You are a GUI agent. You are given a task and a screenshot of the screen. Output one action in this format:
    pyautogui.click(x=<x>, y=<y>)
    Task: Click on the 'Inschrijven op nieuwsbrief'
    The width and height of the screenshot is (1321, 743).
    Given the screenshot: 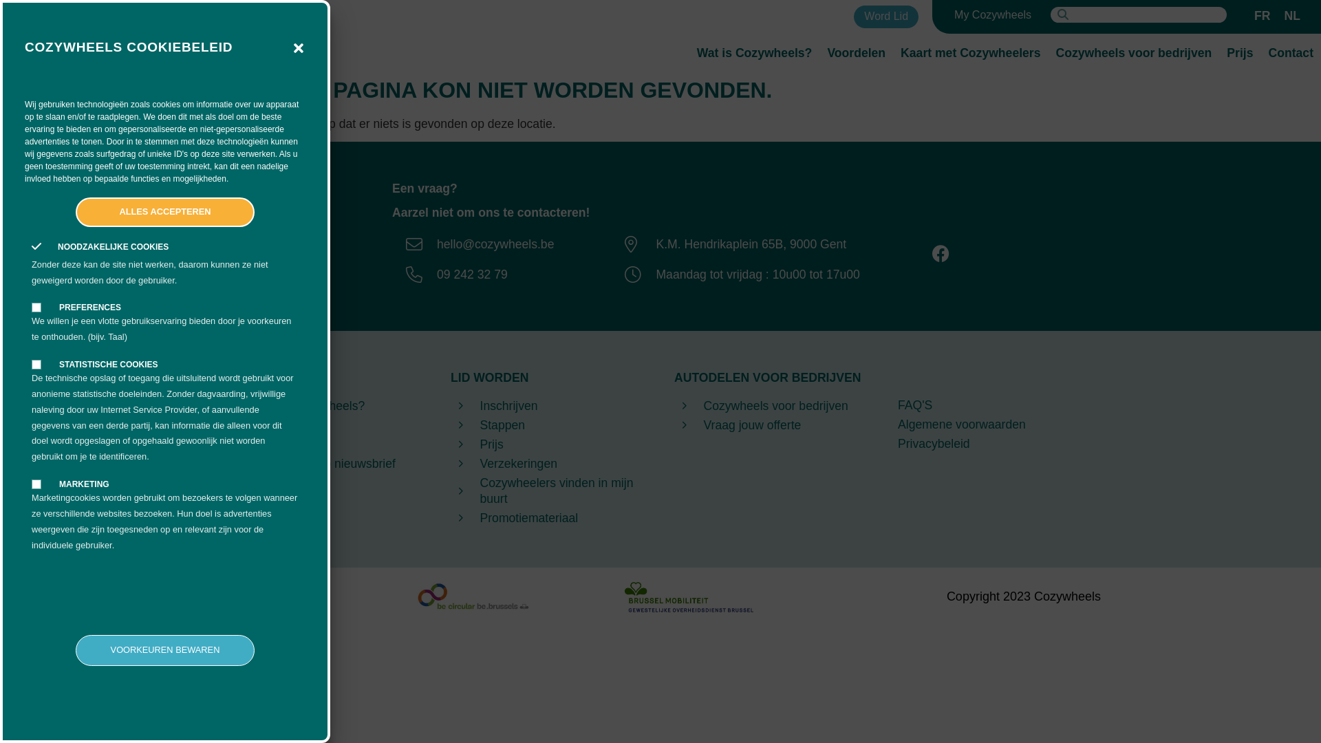 What is the action you would take?
    pyautogui.click(x=324, y=464)
    